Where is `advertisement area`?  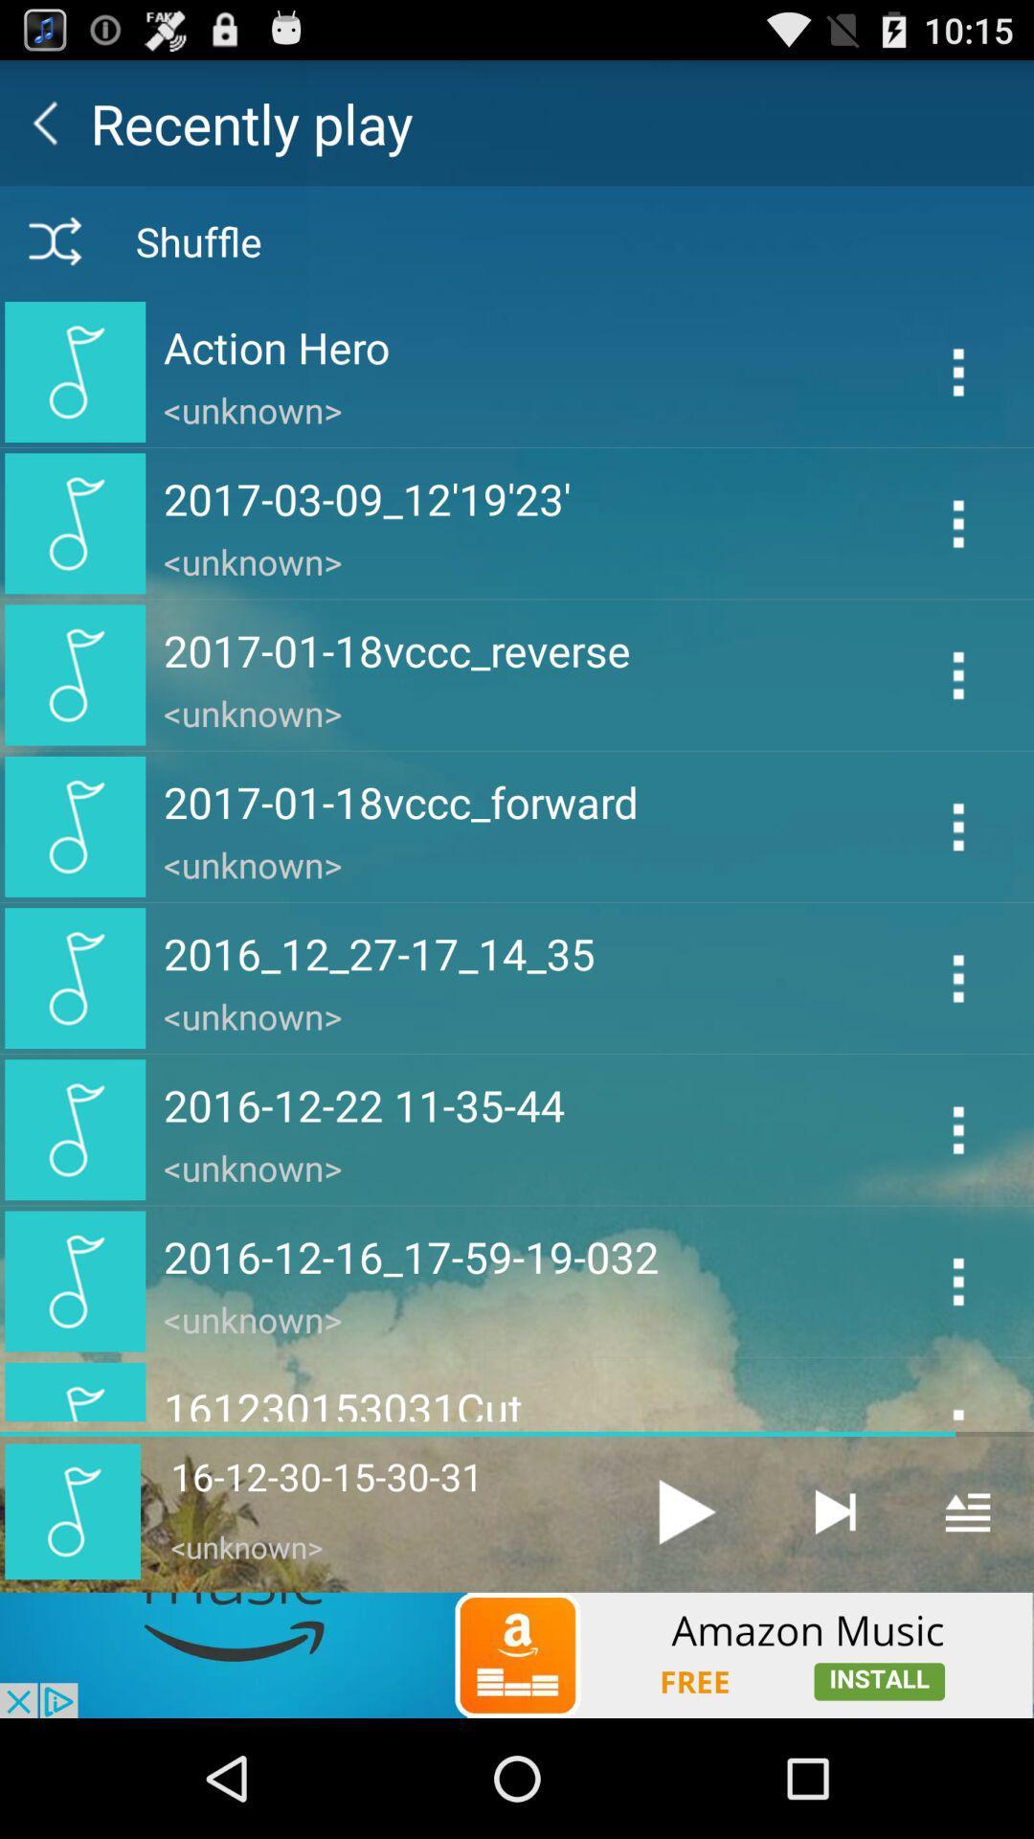 advertisement area is located at coordinates (517, 1654).